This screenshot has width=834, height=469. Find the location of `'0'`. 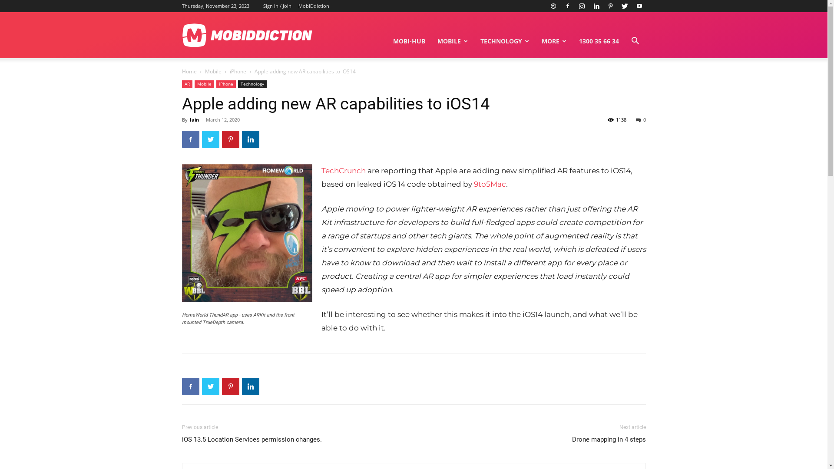

'0' is located at coordinates (641, 119).